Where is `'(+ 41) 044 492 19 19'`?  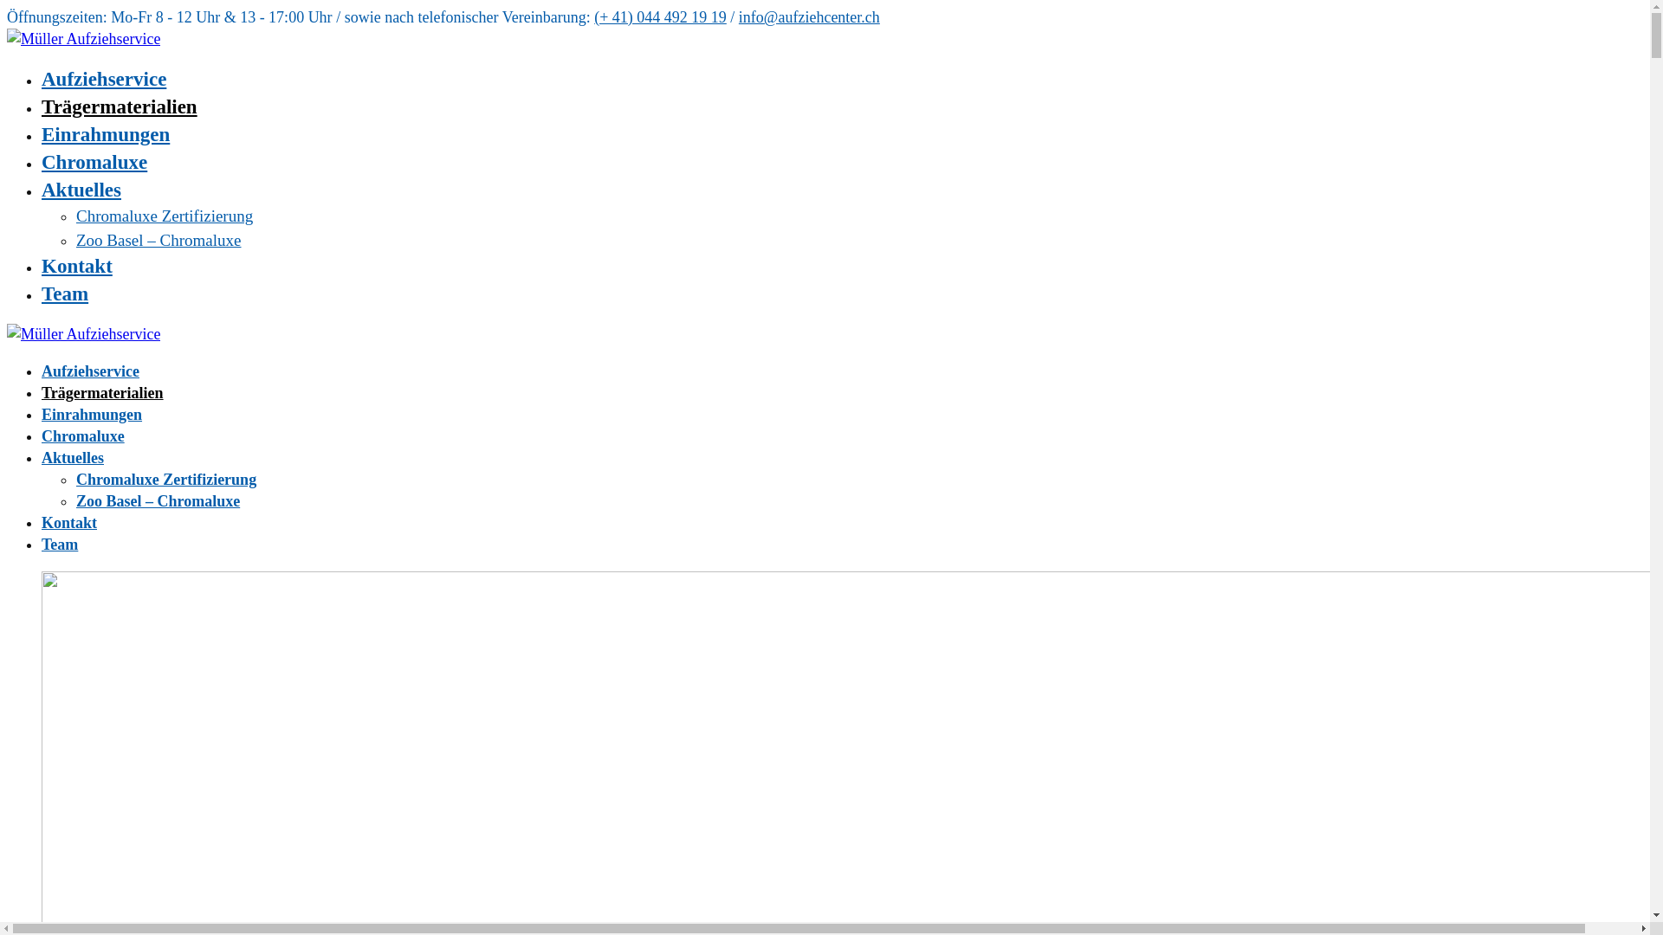 '(+ 41) 044 492 19 19' is located at coordinates (659, 16).